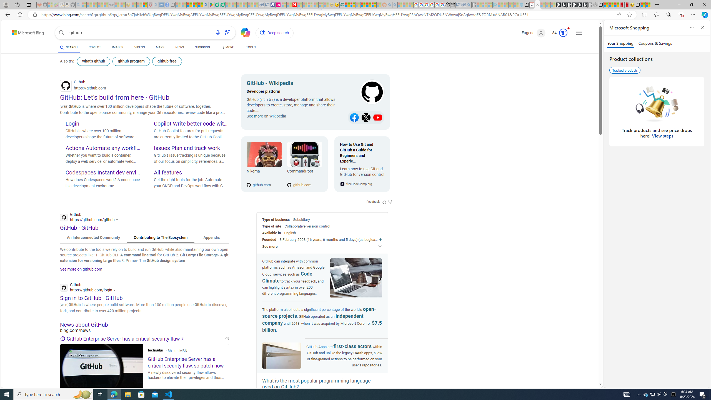  What do you see at coordinates (276, 219) in the screenshot?
I see `'Type of business'` at bounding box center [276, 219].